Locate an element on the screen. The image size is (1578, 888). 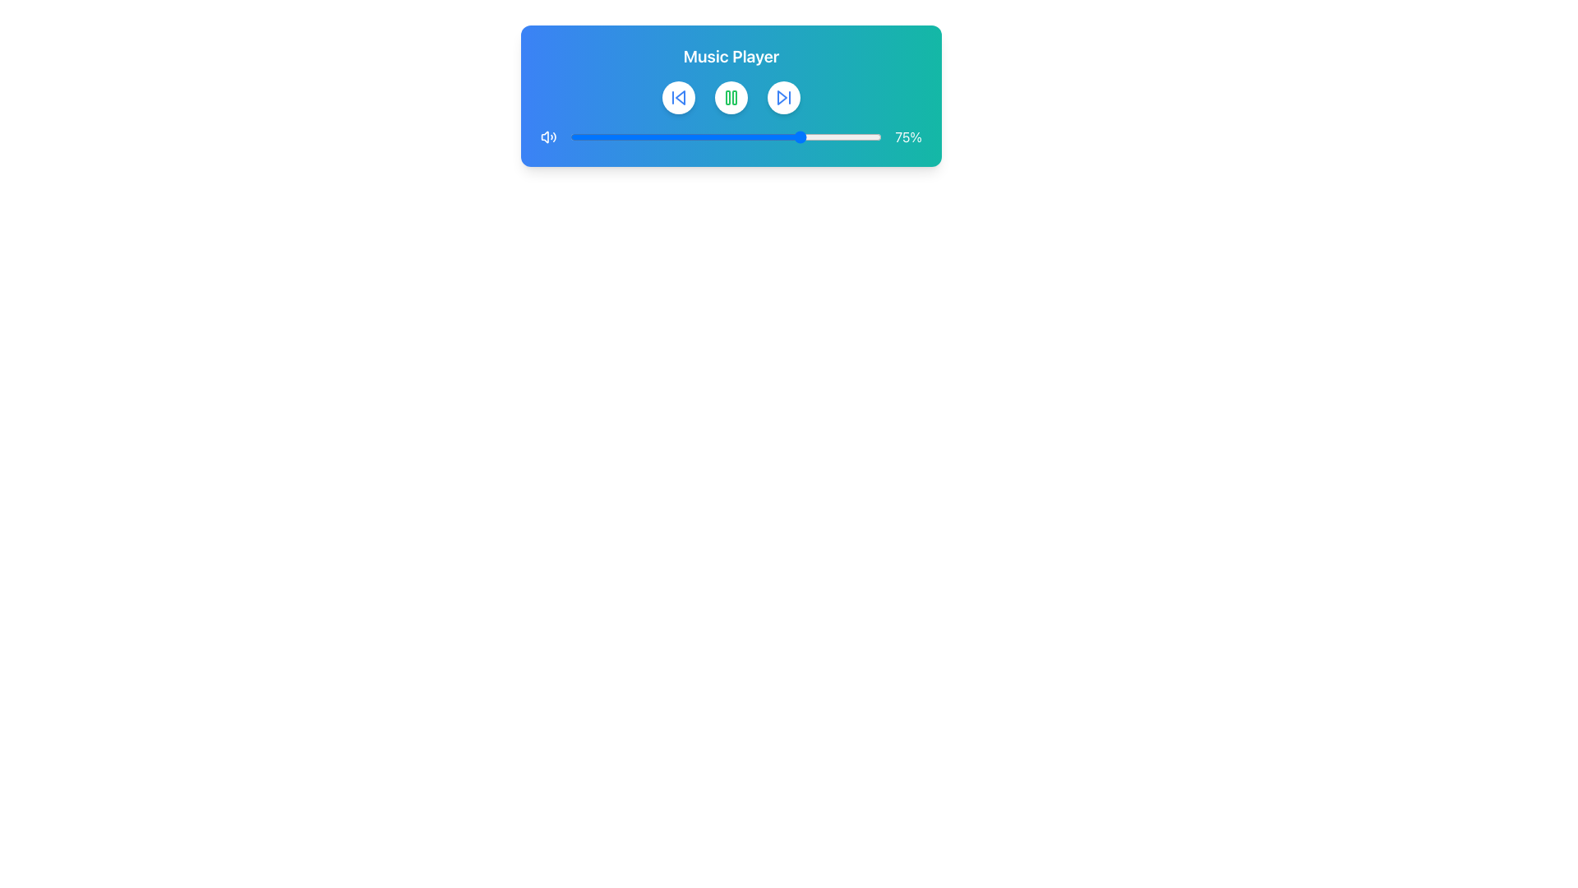
the rightmost graphical icon representing sound waves in the volume control indicator of the music player interface is located at coordinates (554, 136).